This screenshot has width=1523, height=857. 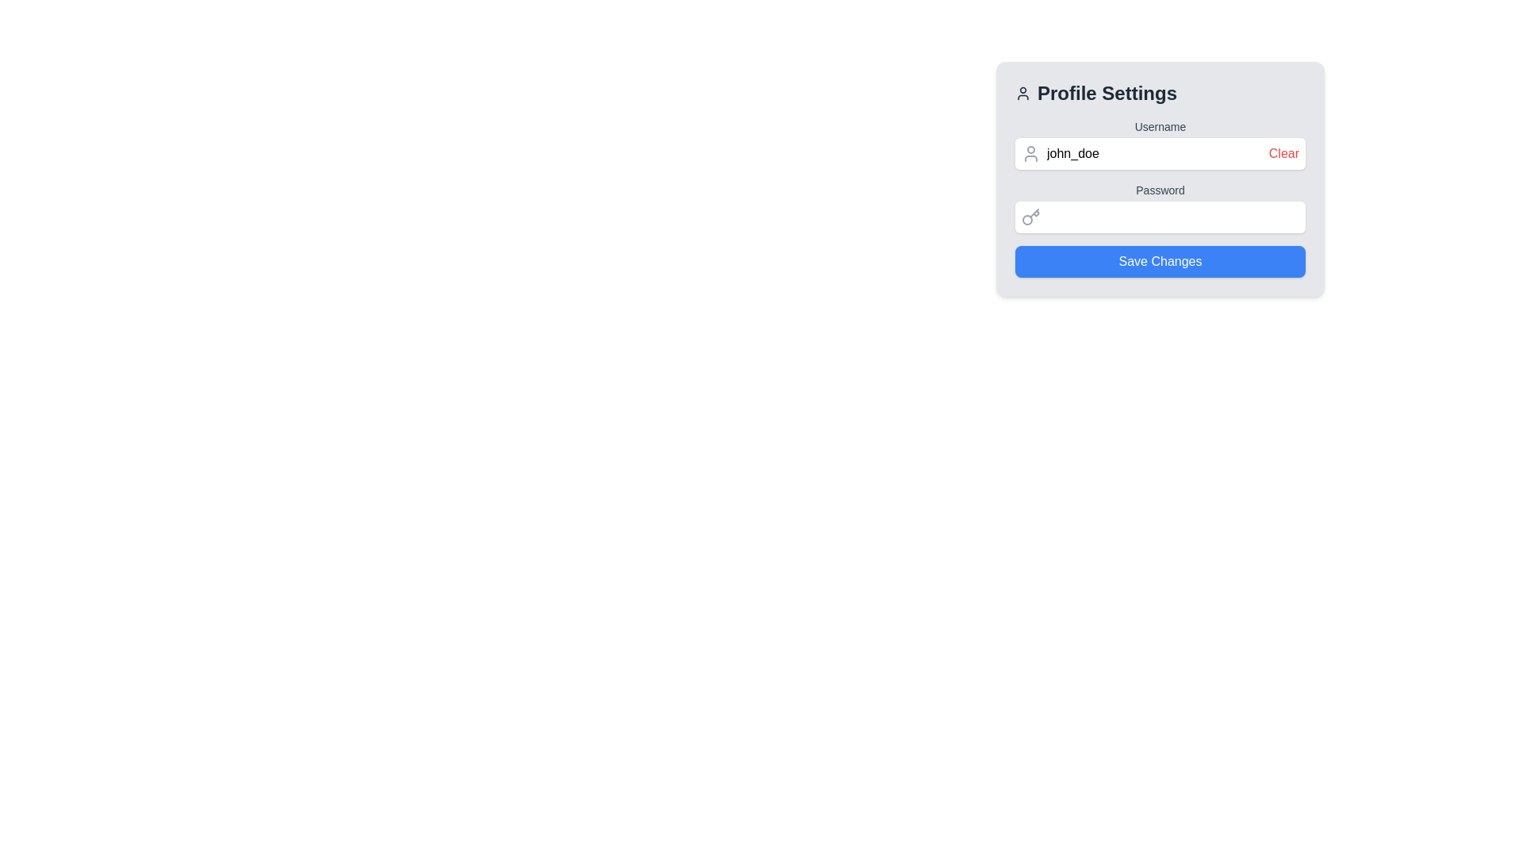 What do you see at coordinates (1160, 125) in the screenshot?
I see `the 'Username' label displayed in small-sized gray font above the input field labeled 'john_doe'` at bounding box center [1160, 125].